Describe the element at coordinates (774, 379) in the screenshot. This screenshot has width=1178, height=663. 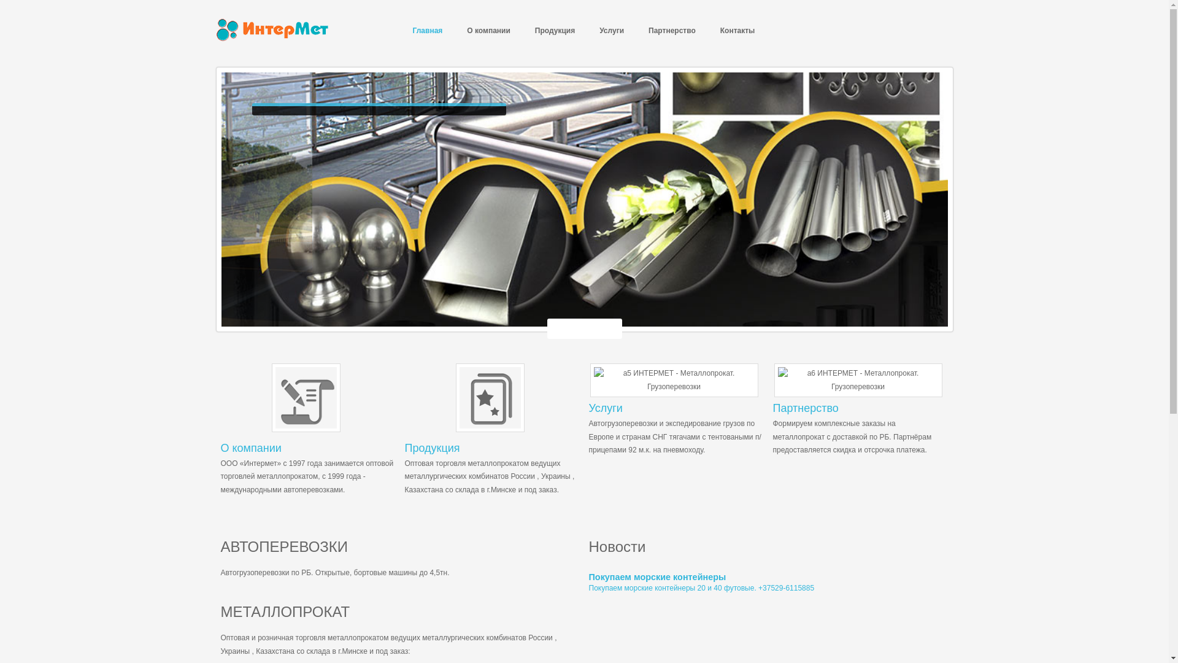
I see `'a6 image'` at that location.